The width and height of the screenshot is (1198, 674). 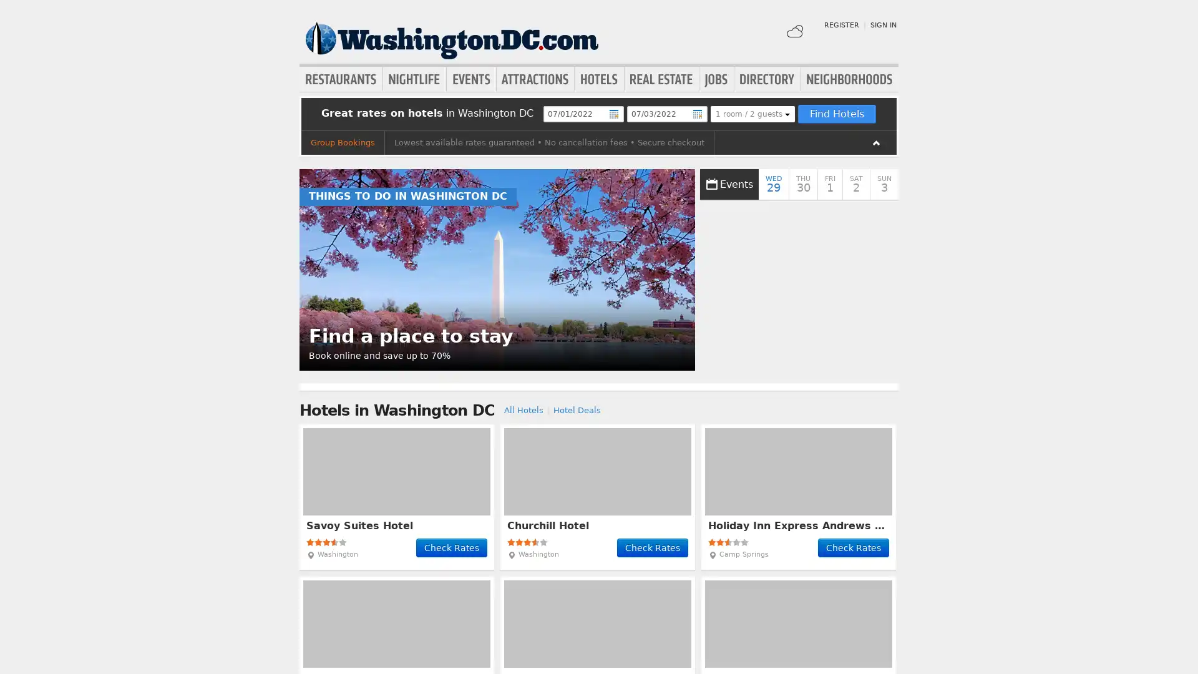 What do you see at coordinates (836, 114) in the screenshot?
I see `Find Hotels` at bounding box center [836, 114].